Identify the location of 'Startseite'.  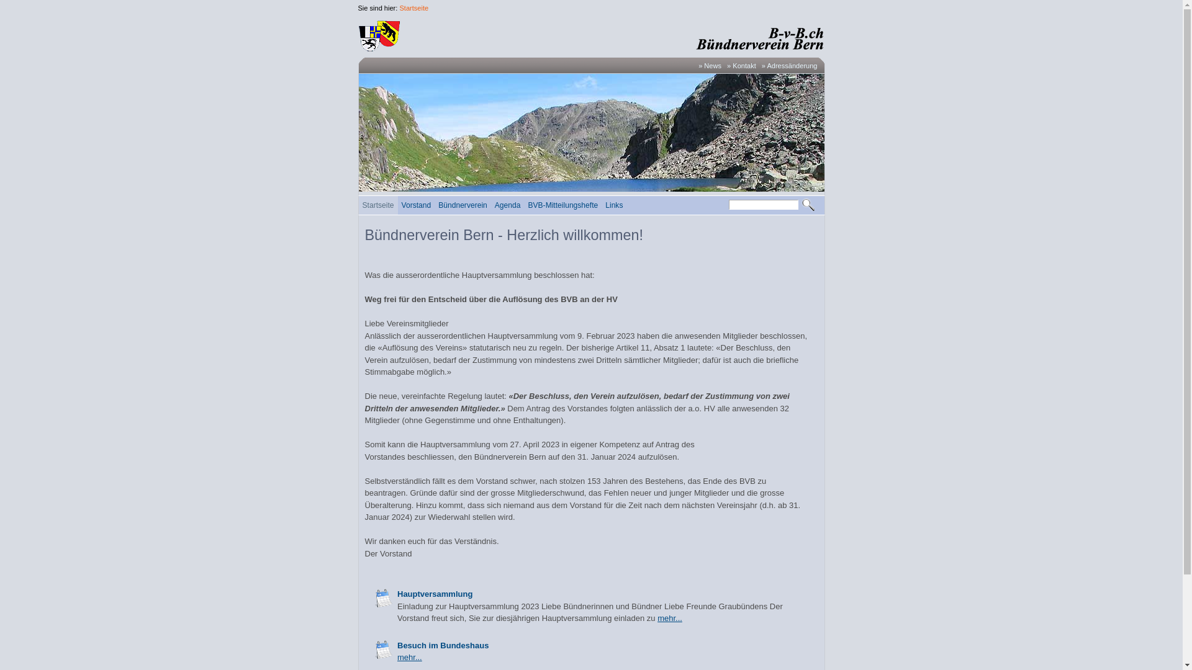
(413, 7).